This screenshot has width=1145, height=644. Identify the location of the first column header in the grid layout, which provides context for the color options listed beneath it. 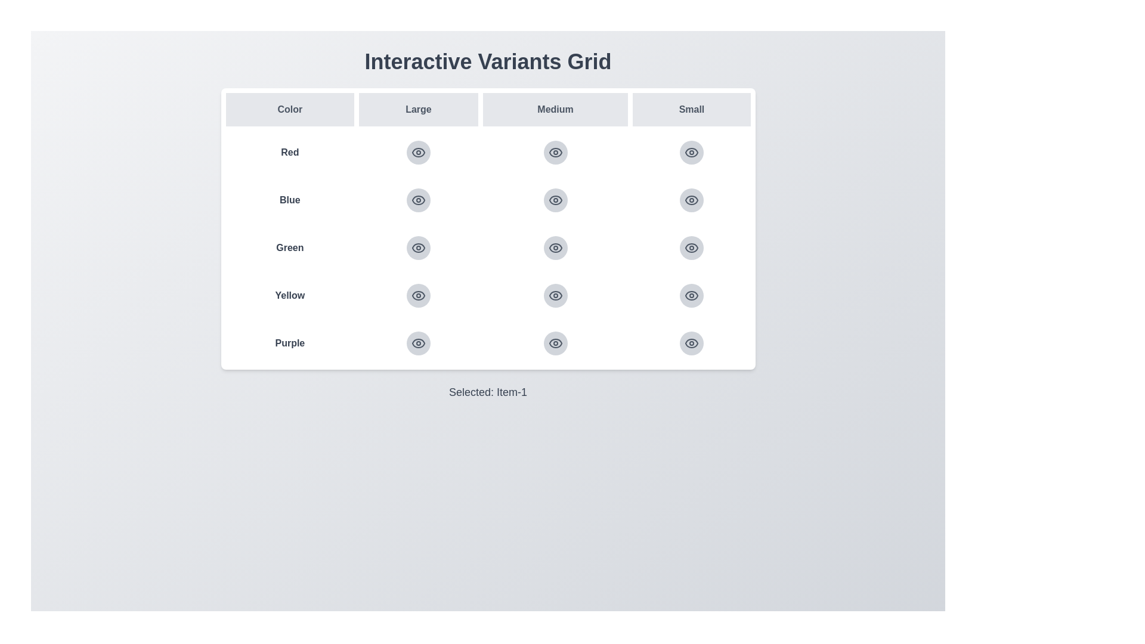
(290, 110).